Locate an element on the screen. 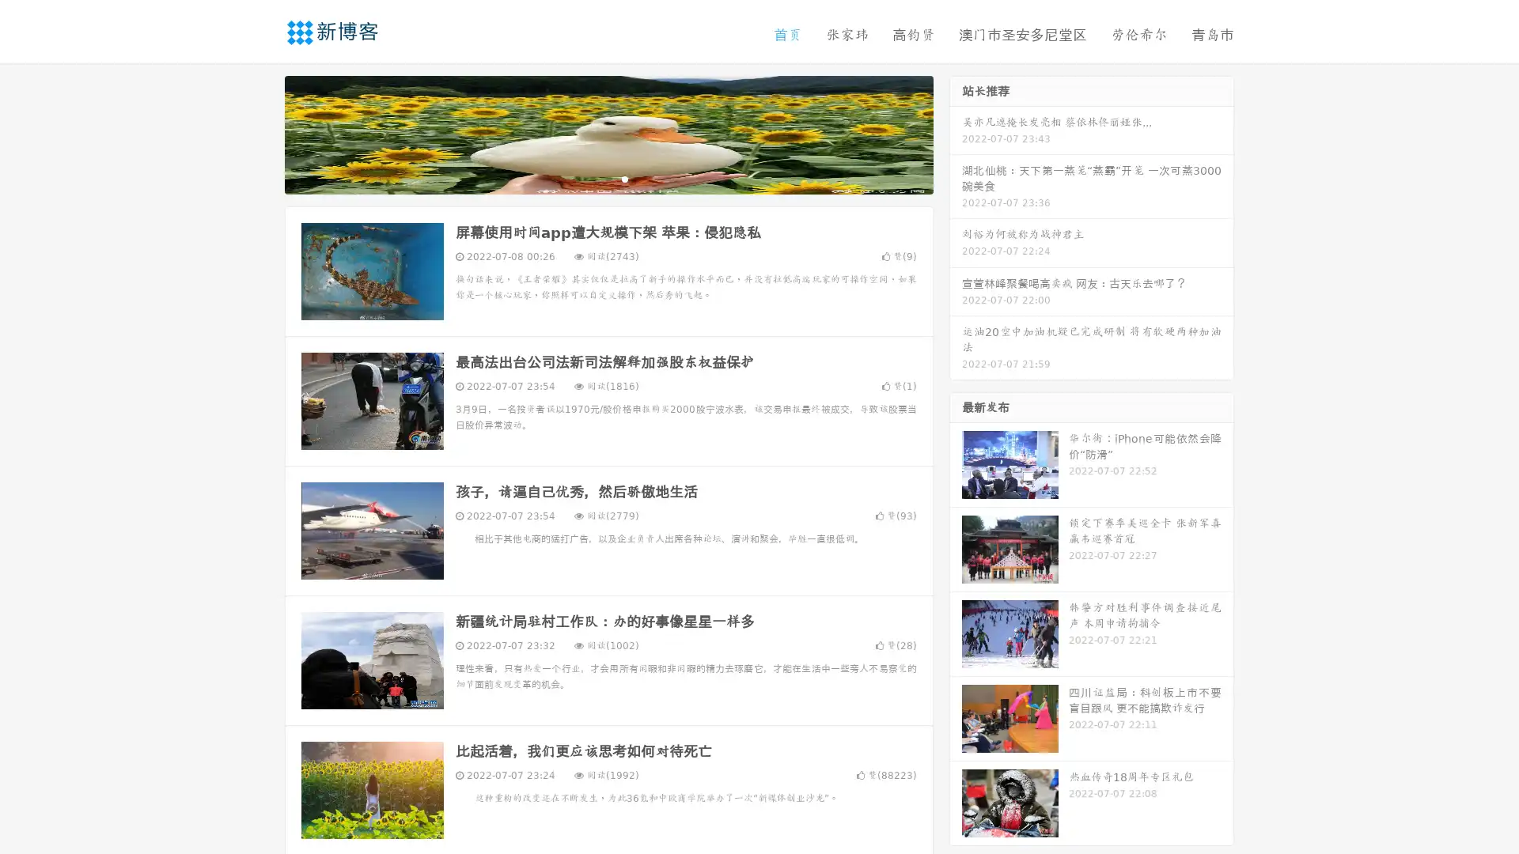  Go to slide 2 is located at coordinates (608, 178).